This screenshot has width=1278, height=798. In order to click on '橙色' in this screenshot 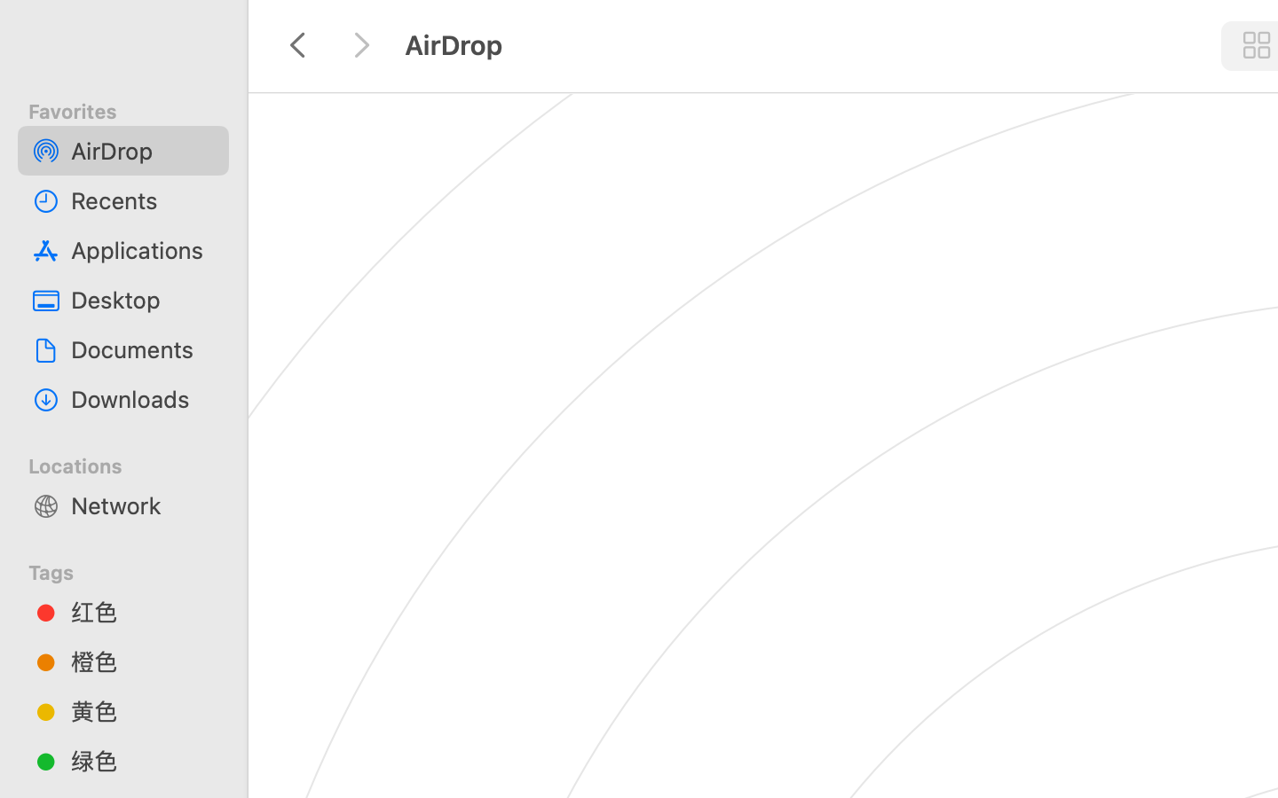, I will do `click(141, 661)`.